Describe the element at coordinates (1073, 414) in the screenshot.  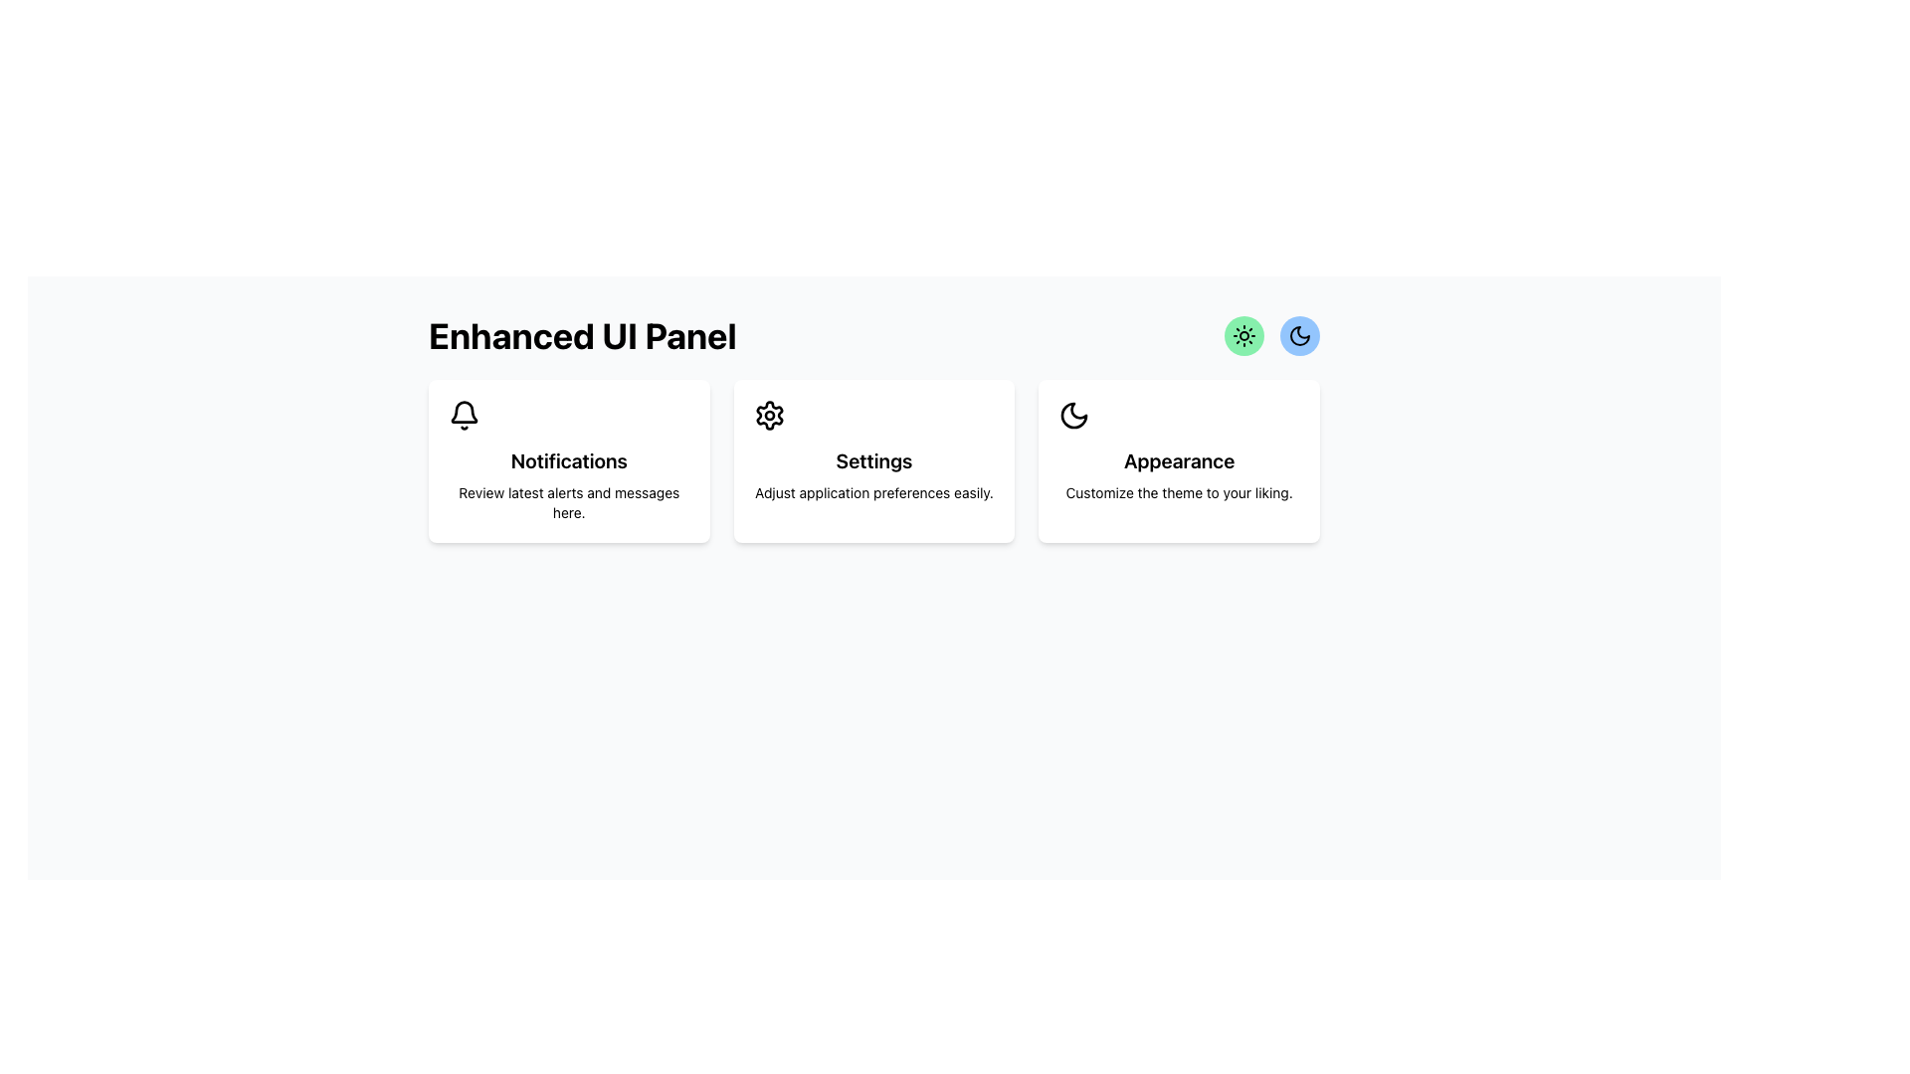
I see `the moon-shaped icon located at the top-left corner of the 'Appearance' card section` at that location.